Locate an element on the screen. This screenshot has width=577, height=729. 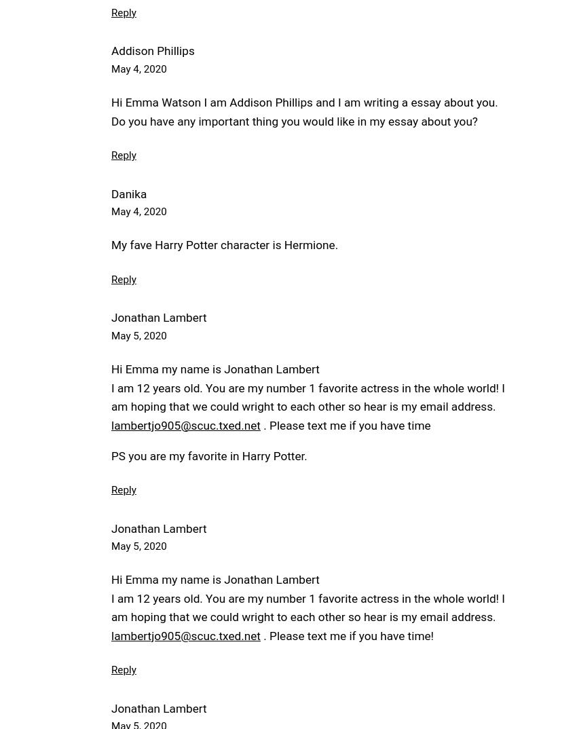
'. Please text me if you have time!' is located at coordinates (259, 635).